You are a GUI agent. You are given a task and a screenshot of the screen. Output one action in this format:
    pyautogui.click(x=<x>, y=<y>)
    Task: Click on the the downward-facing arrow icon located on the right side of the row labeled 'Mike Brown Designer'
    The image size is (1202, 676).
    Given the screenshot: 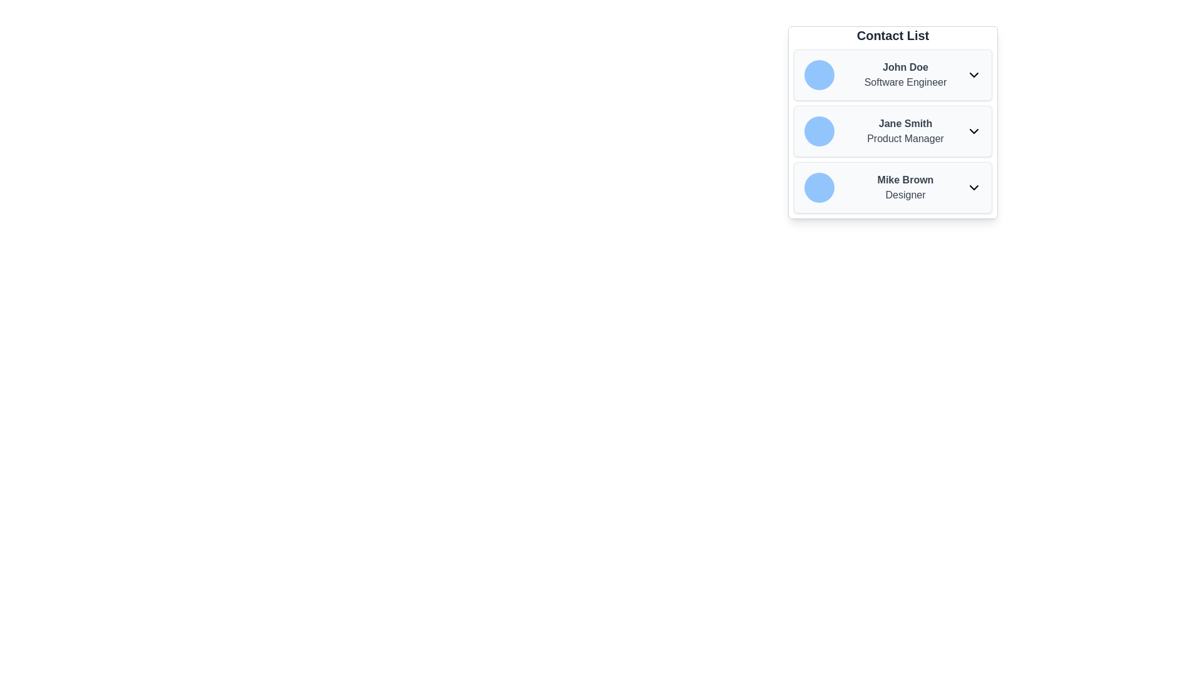 What is the action you would take?
    pyautogui.click(x=973, y=188)
    